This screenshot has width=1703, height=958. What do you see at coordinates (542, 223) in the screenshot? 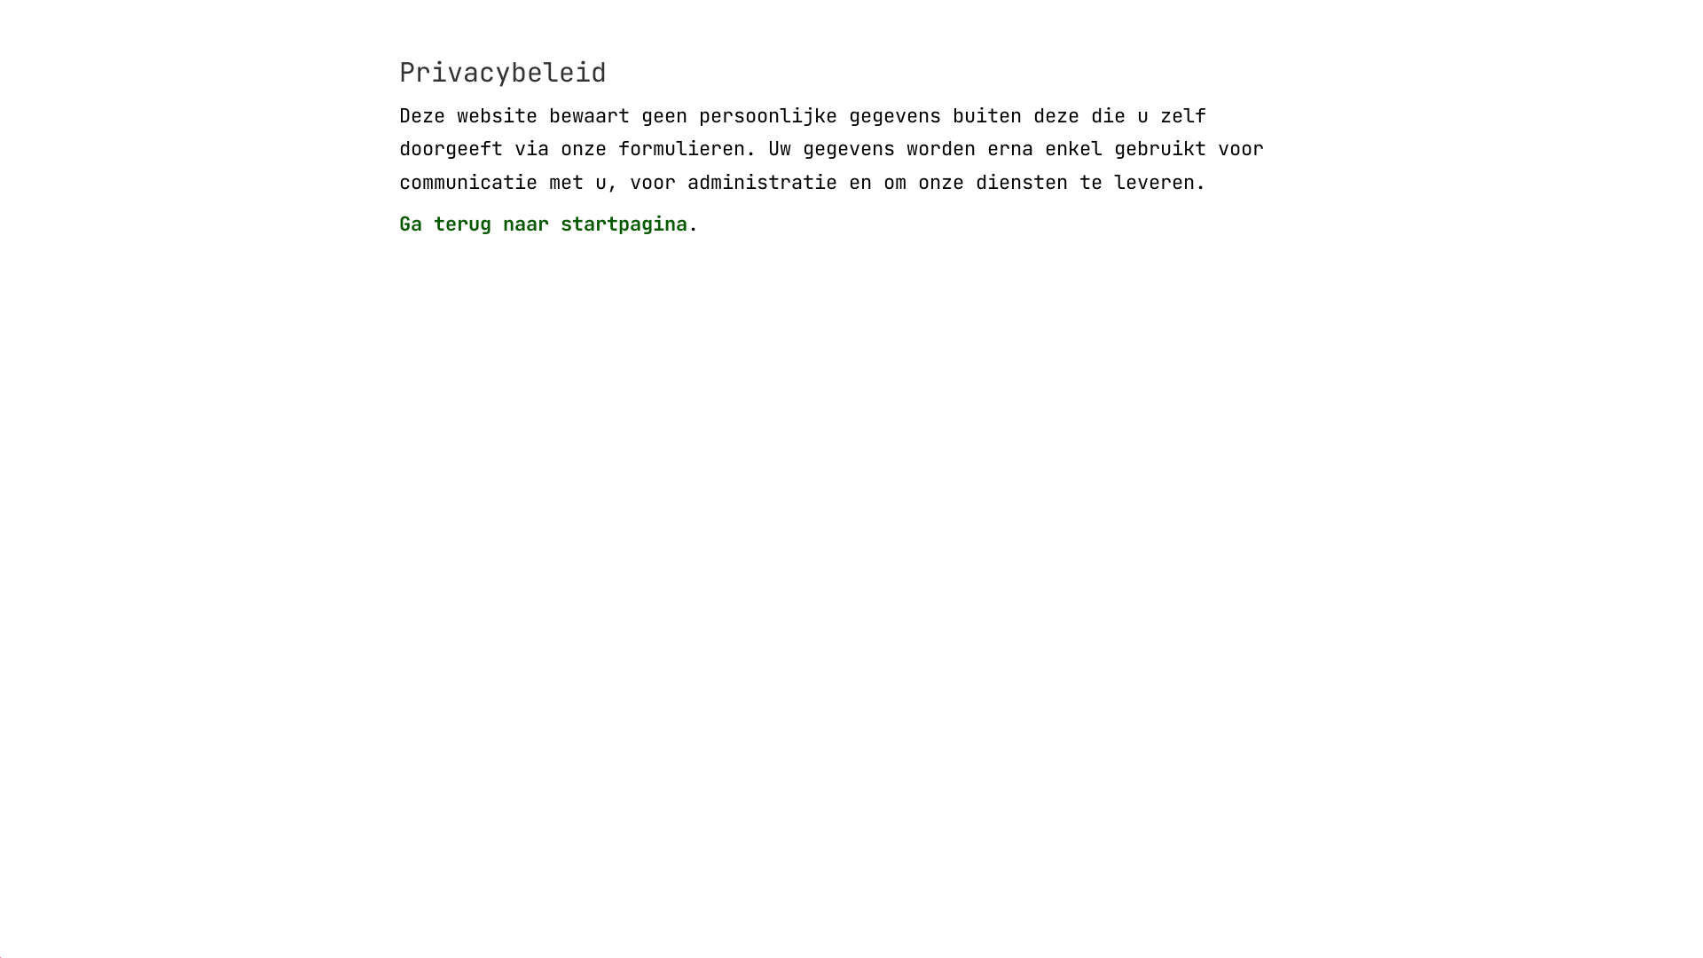
I see `'Ga terug naar startpagina'` at bounding box center [542, 223].